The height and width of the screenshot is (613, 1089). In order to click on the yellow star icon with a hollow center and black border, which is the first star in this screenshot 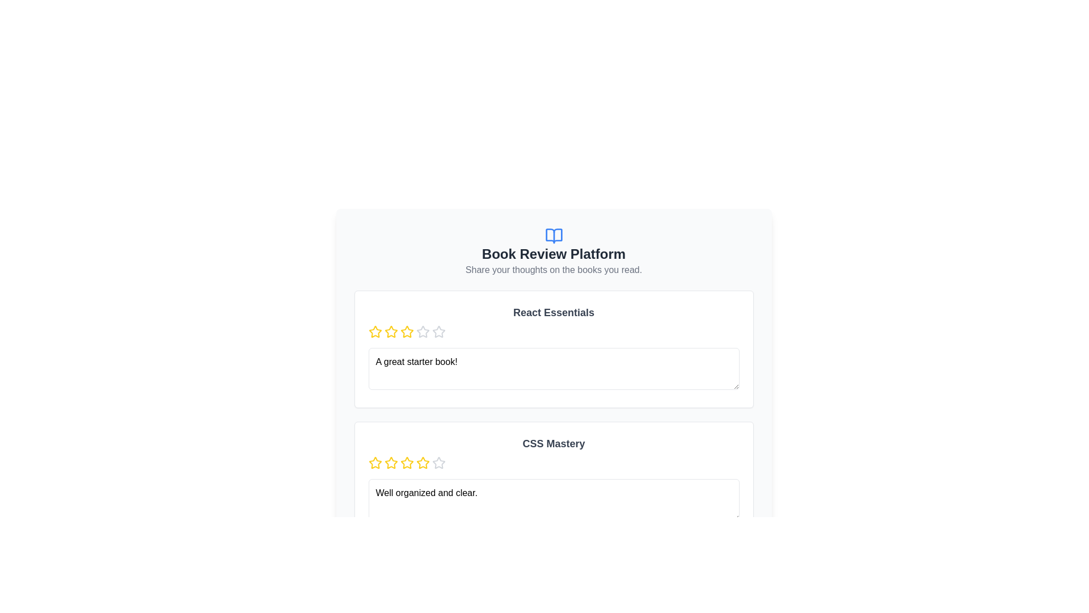, I will do `click(375, 463)`.